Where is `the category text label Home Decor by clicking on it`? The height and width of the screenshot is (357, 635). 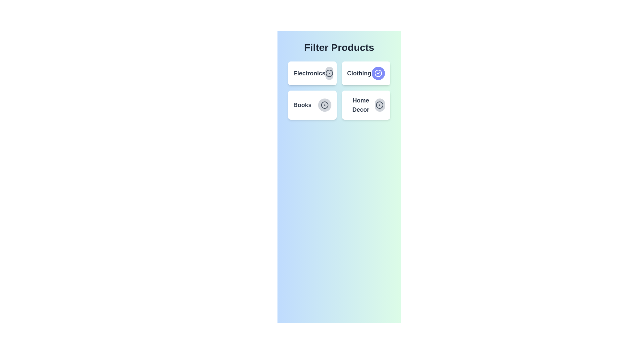
the category text label Home Decor by clicking on it is located at coordinates (360, 104).